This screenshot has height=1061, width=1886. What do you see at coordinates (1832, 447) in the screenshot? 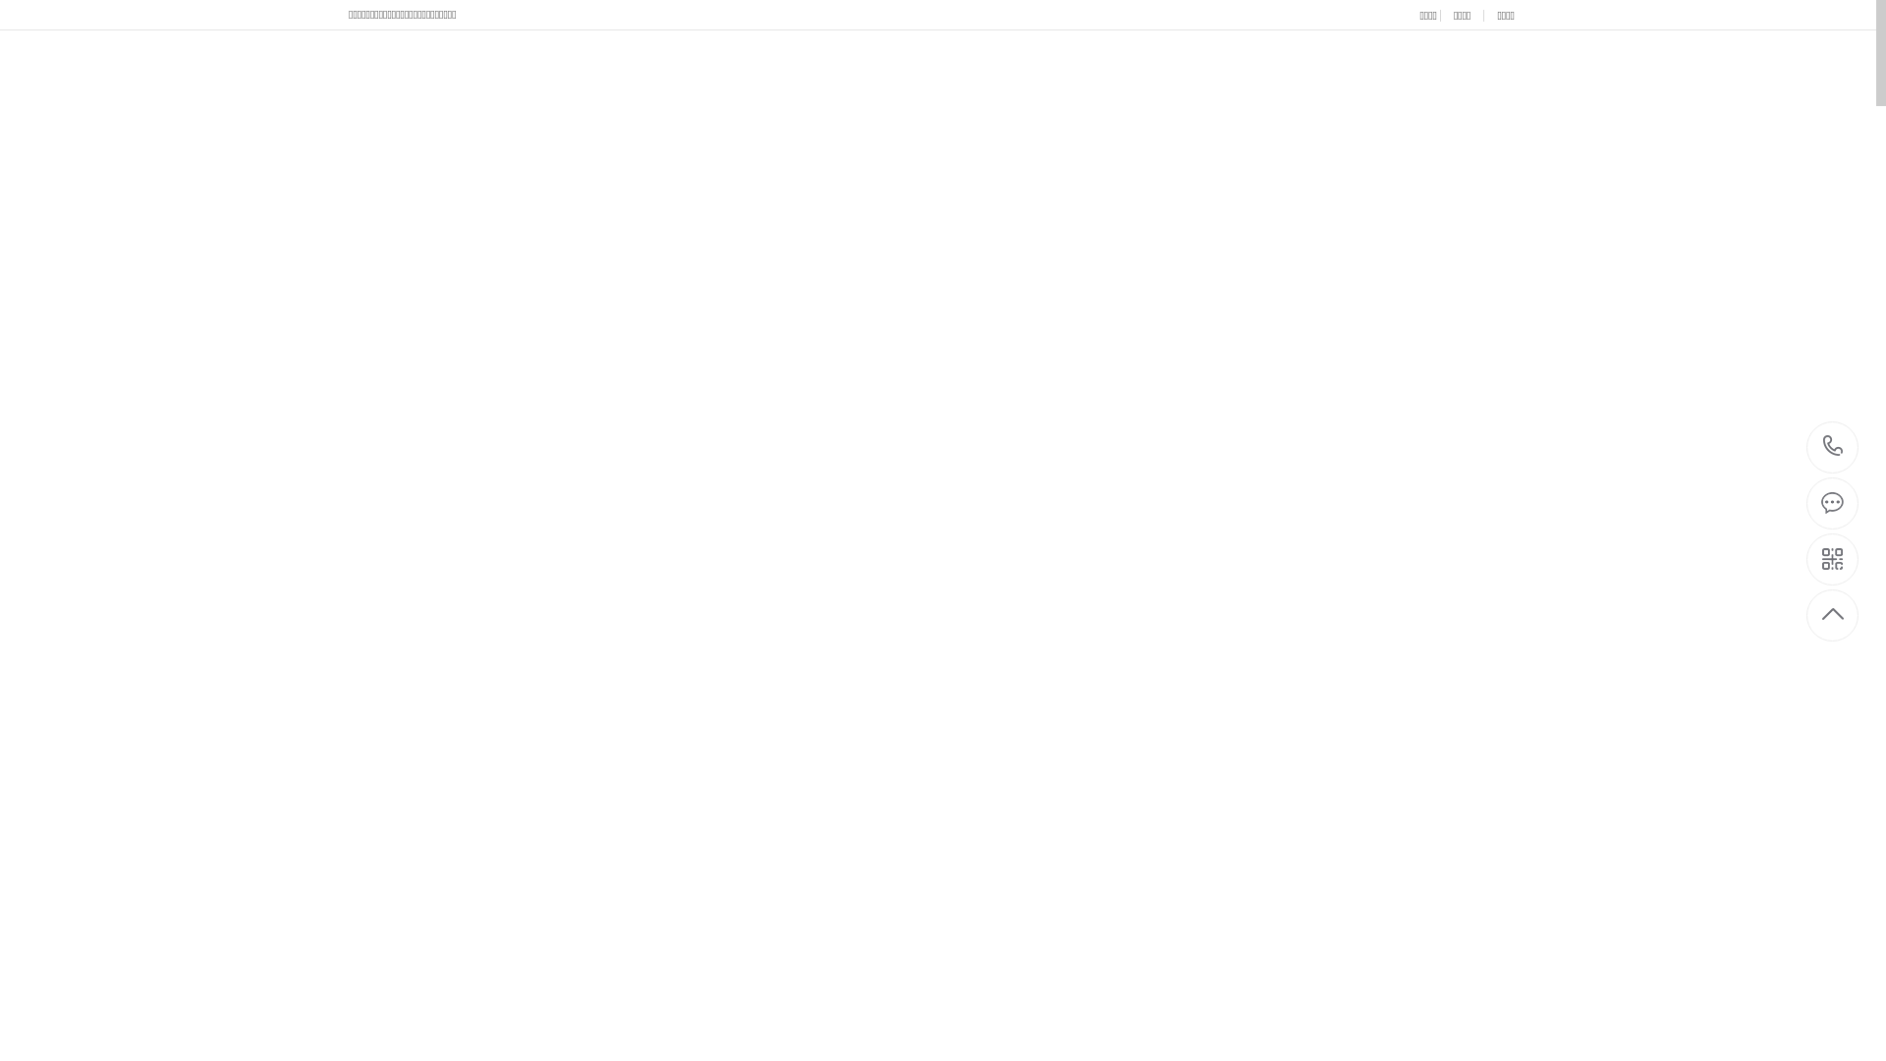
I see `'0577-86628279'` at bounding box center [1832, 447].